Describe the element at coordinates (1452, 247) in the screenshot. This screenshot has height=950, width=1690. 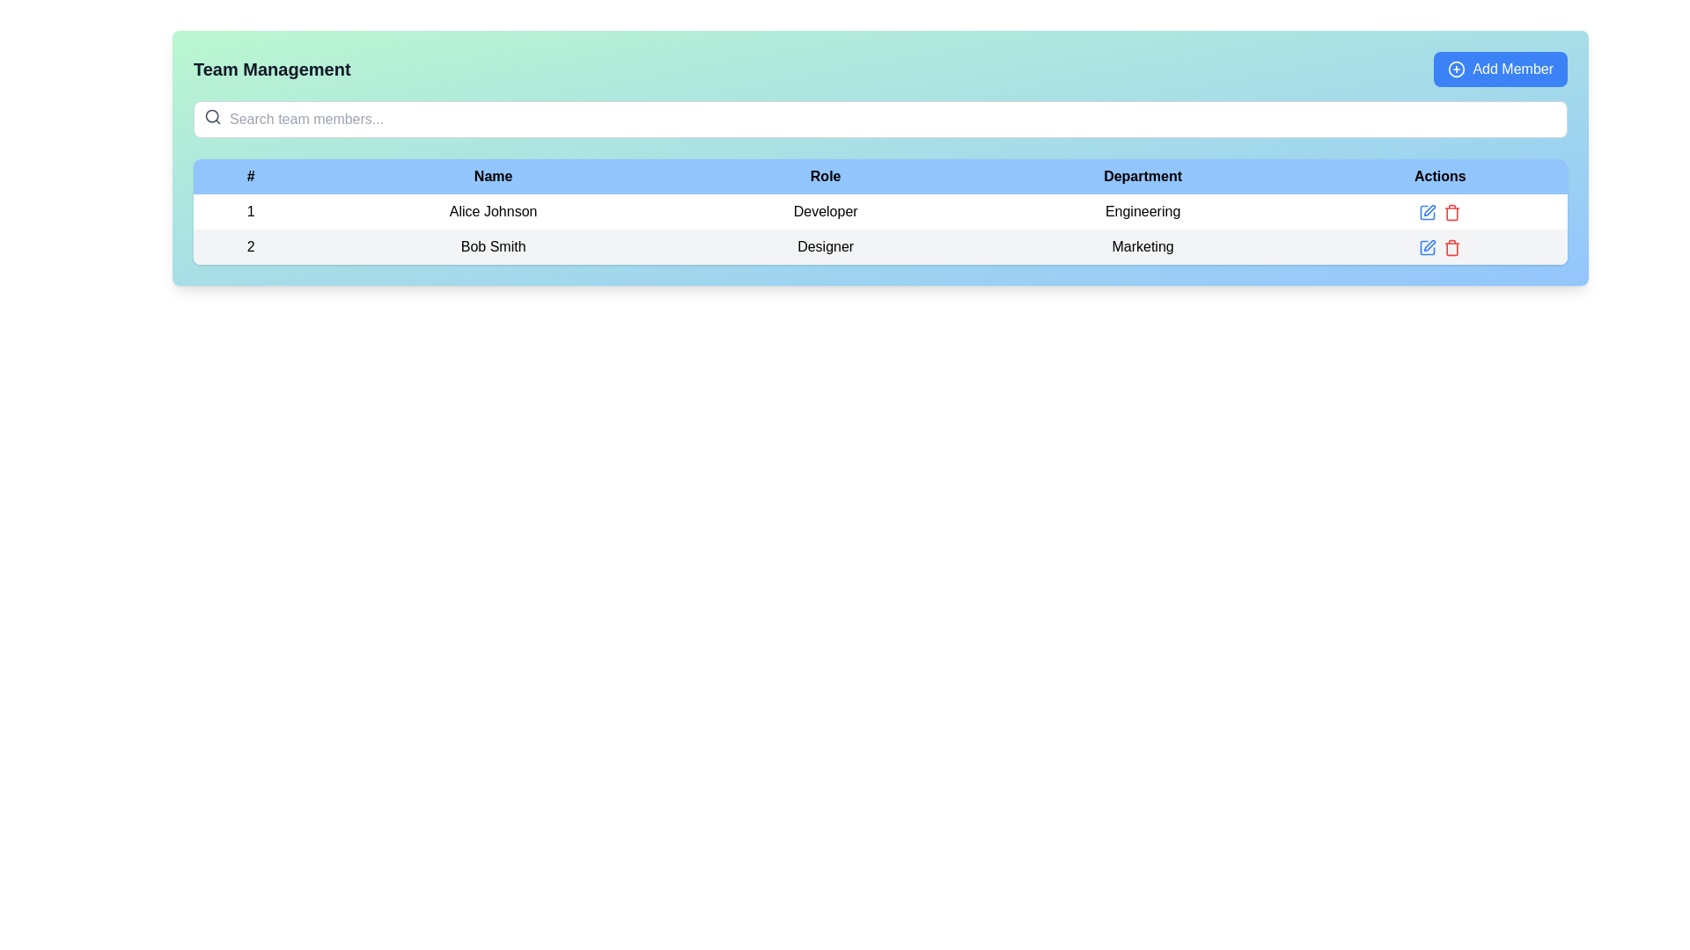
I see `the trash can icon button in the 'Actions' column of the second row corresponding to 'Bob Smith'` at that location.